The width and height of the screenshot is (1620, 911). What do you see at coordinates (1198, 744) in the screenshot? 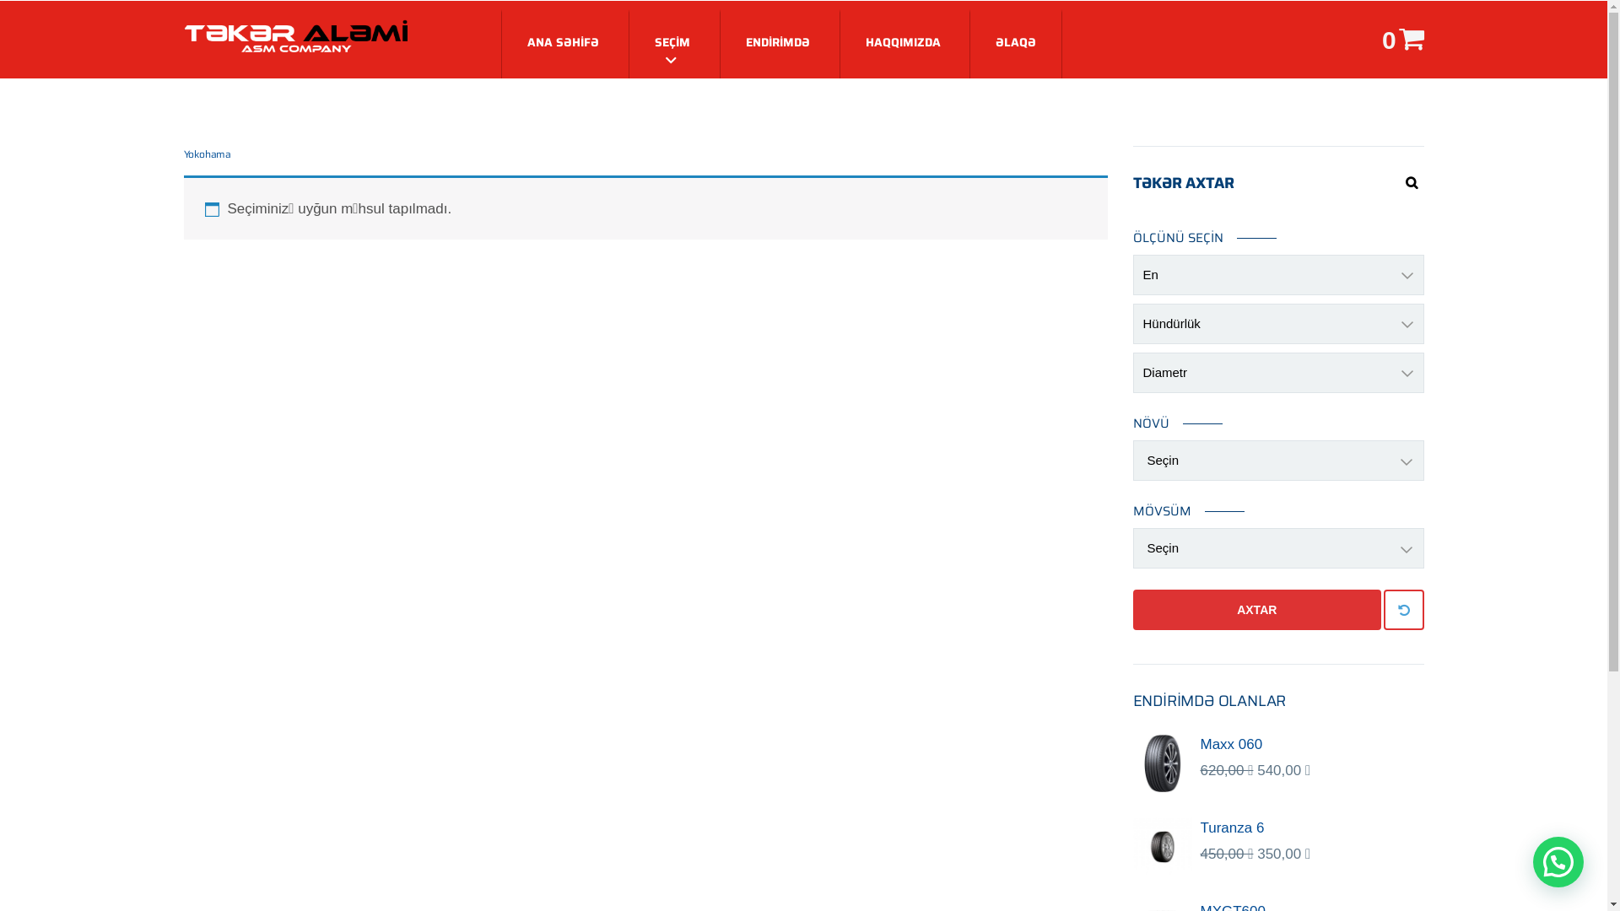
I see `'Maxx 060'` at bounding box center [1198, 744].